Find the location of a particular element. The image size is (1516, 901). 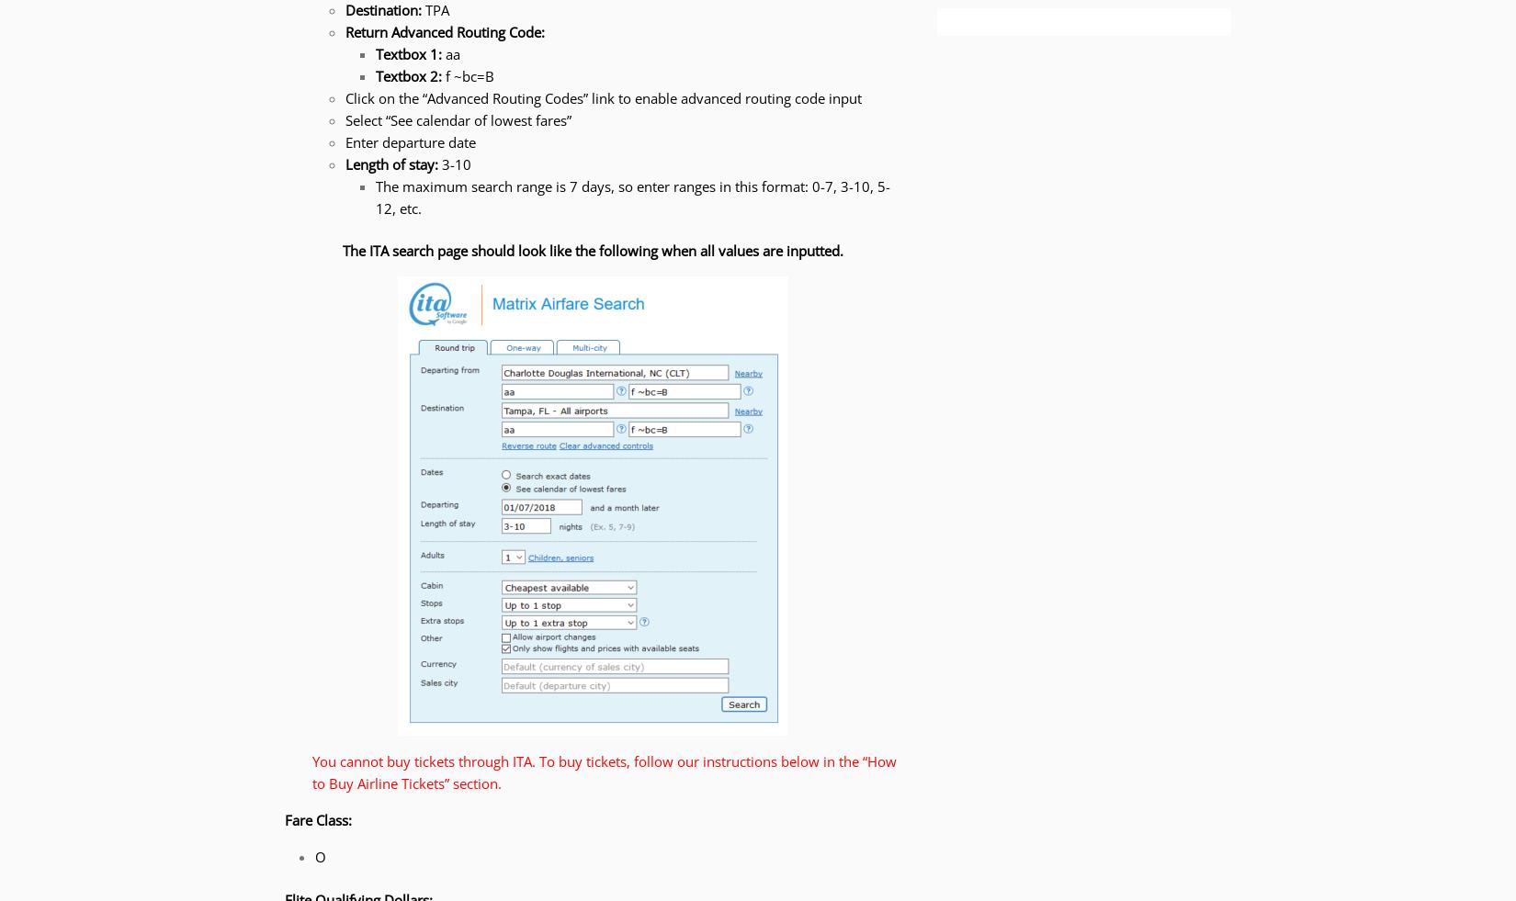

'Textbox 2:' is located at coordinates (409, 74).